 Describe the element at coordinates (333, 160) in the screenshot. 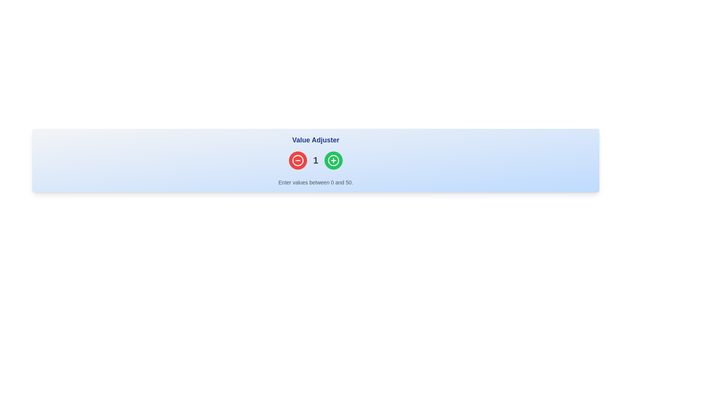

I see `the rightmost button in the control area, which has a cross symbol` at that location.